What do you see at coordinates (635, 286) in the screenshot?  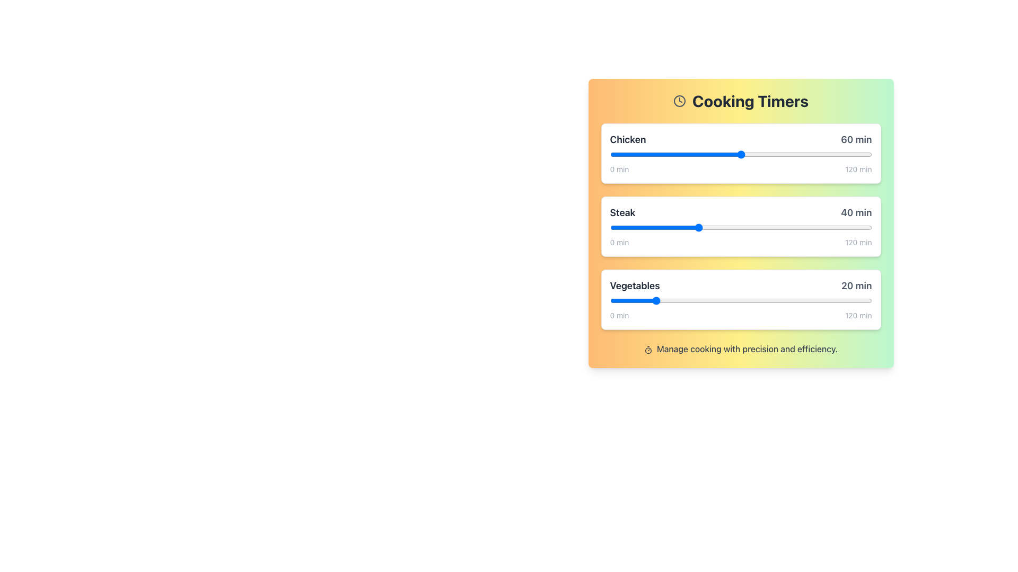 I see `the 'Vegetables' text label which indicates the title for the associated timer control in the third section of the cooking timers interface` at bounding box center [635, 286].